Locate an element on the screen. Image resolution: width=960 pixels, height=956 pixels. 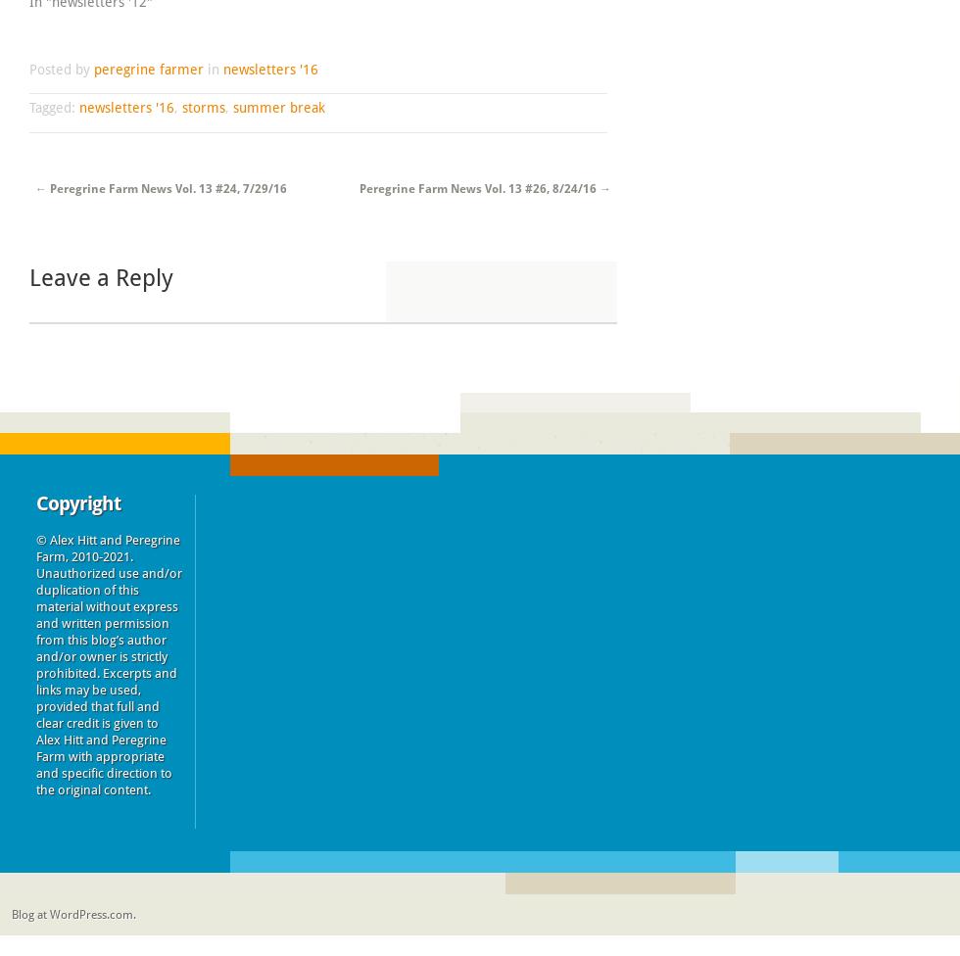
'Leave a Reply' is located at coordinates (28, 278).